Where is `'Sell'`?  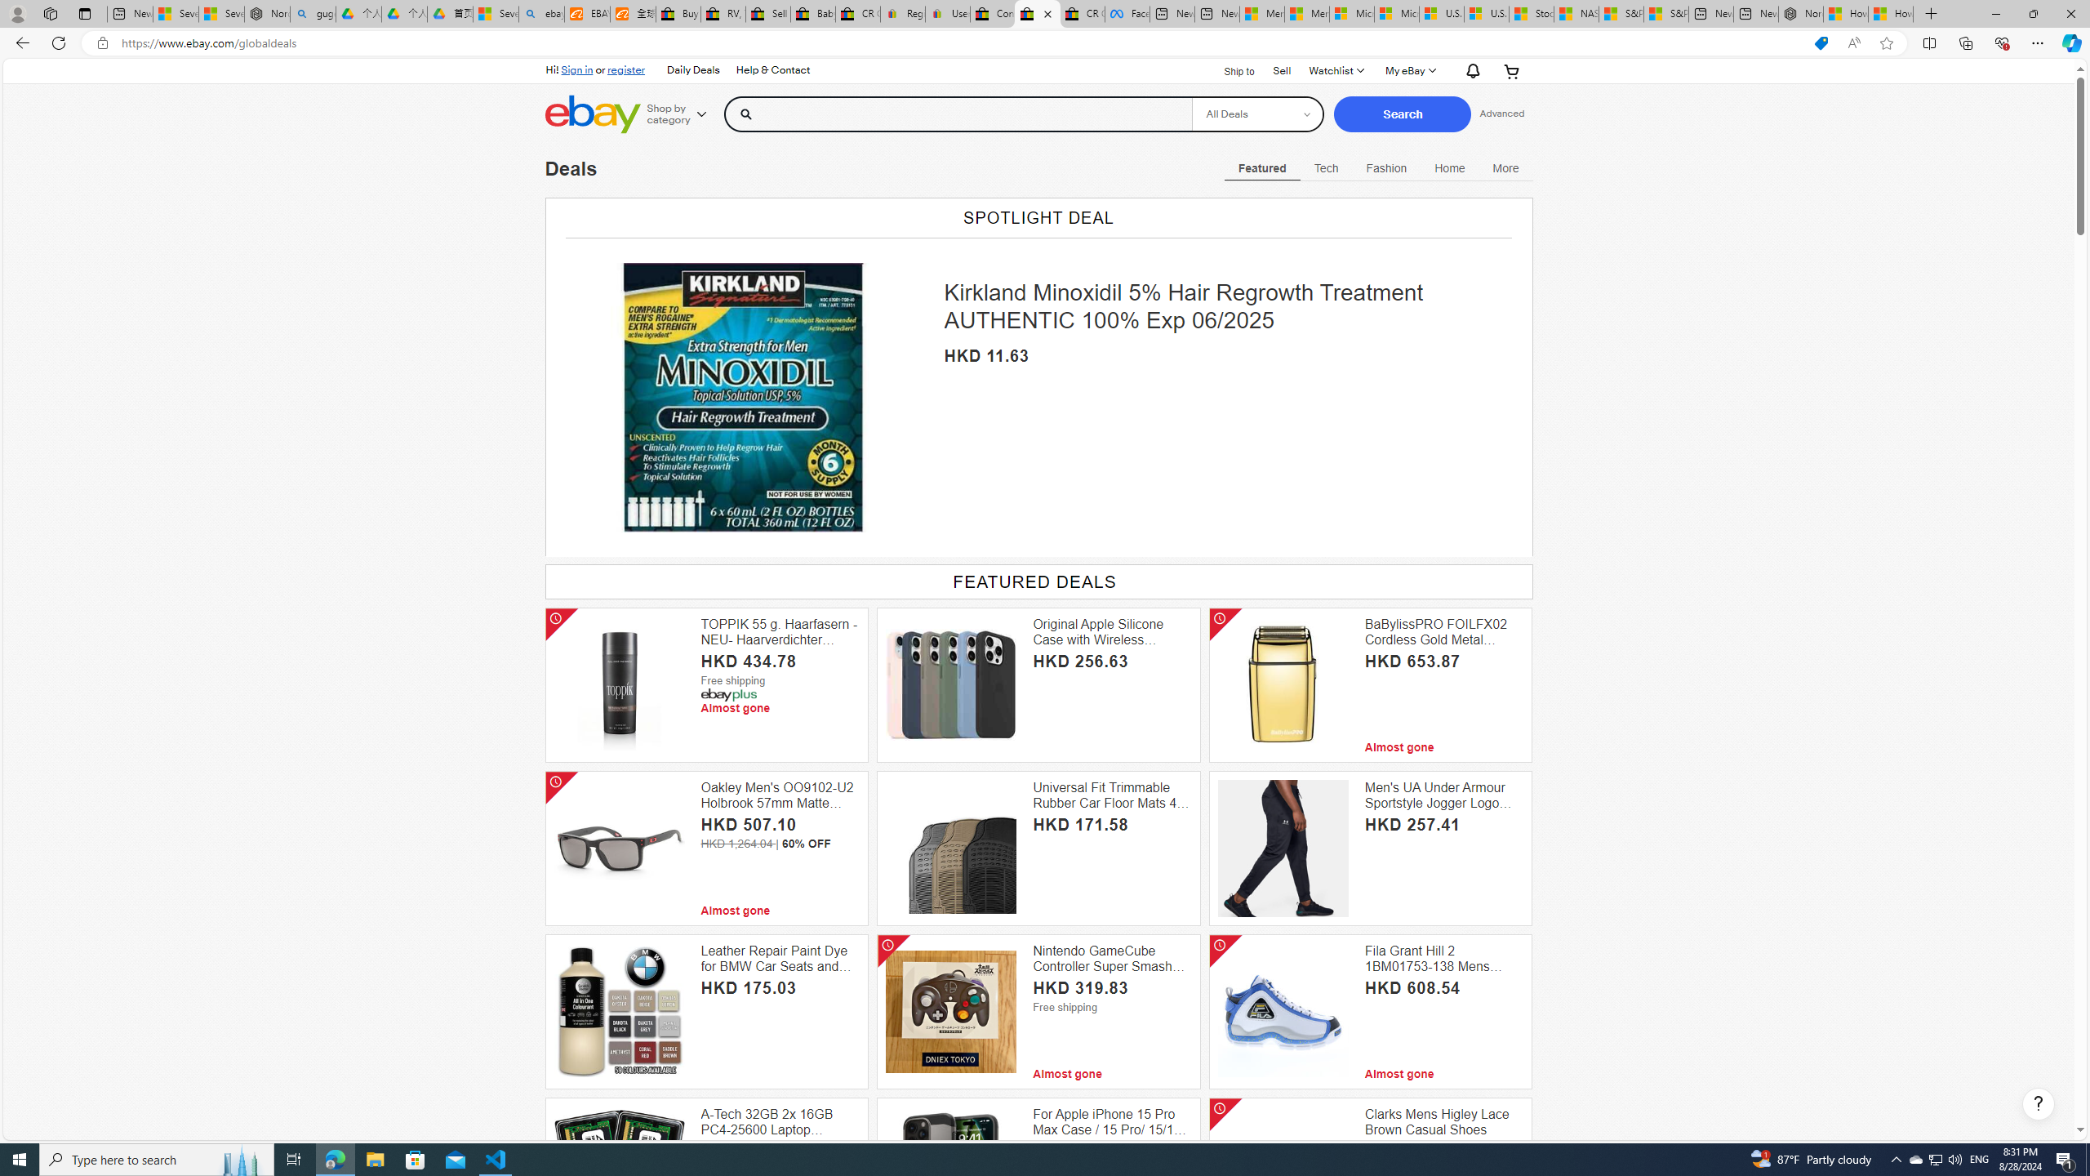 'Sell' is located at coordinates (1281, 69).